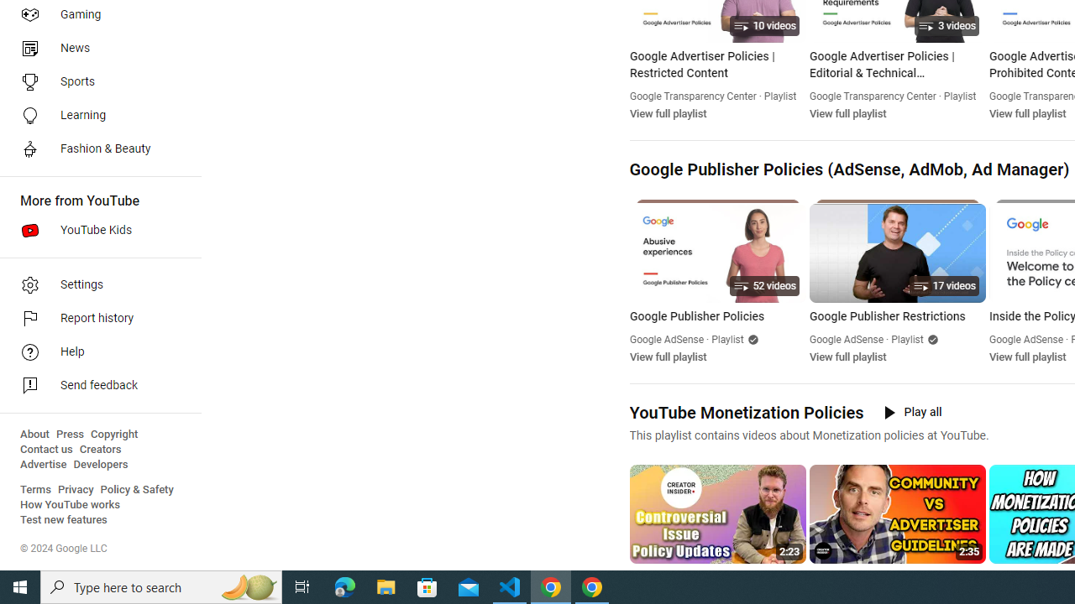 The height and width of the screenshot is (604, 1075). Describe the element at coordinates (745, 413) in the screenshot. I see `'YouTube Monetization Policies'` at that location.